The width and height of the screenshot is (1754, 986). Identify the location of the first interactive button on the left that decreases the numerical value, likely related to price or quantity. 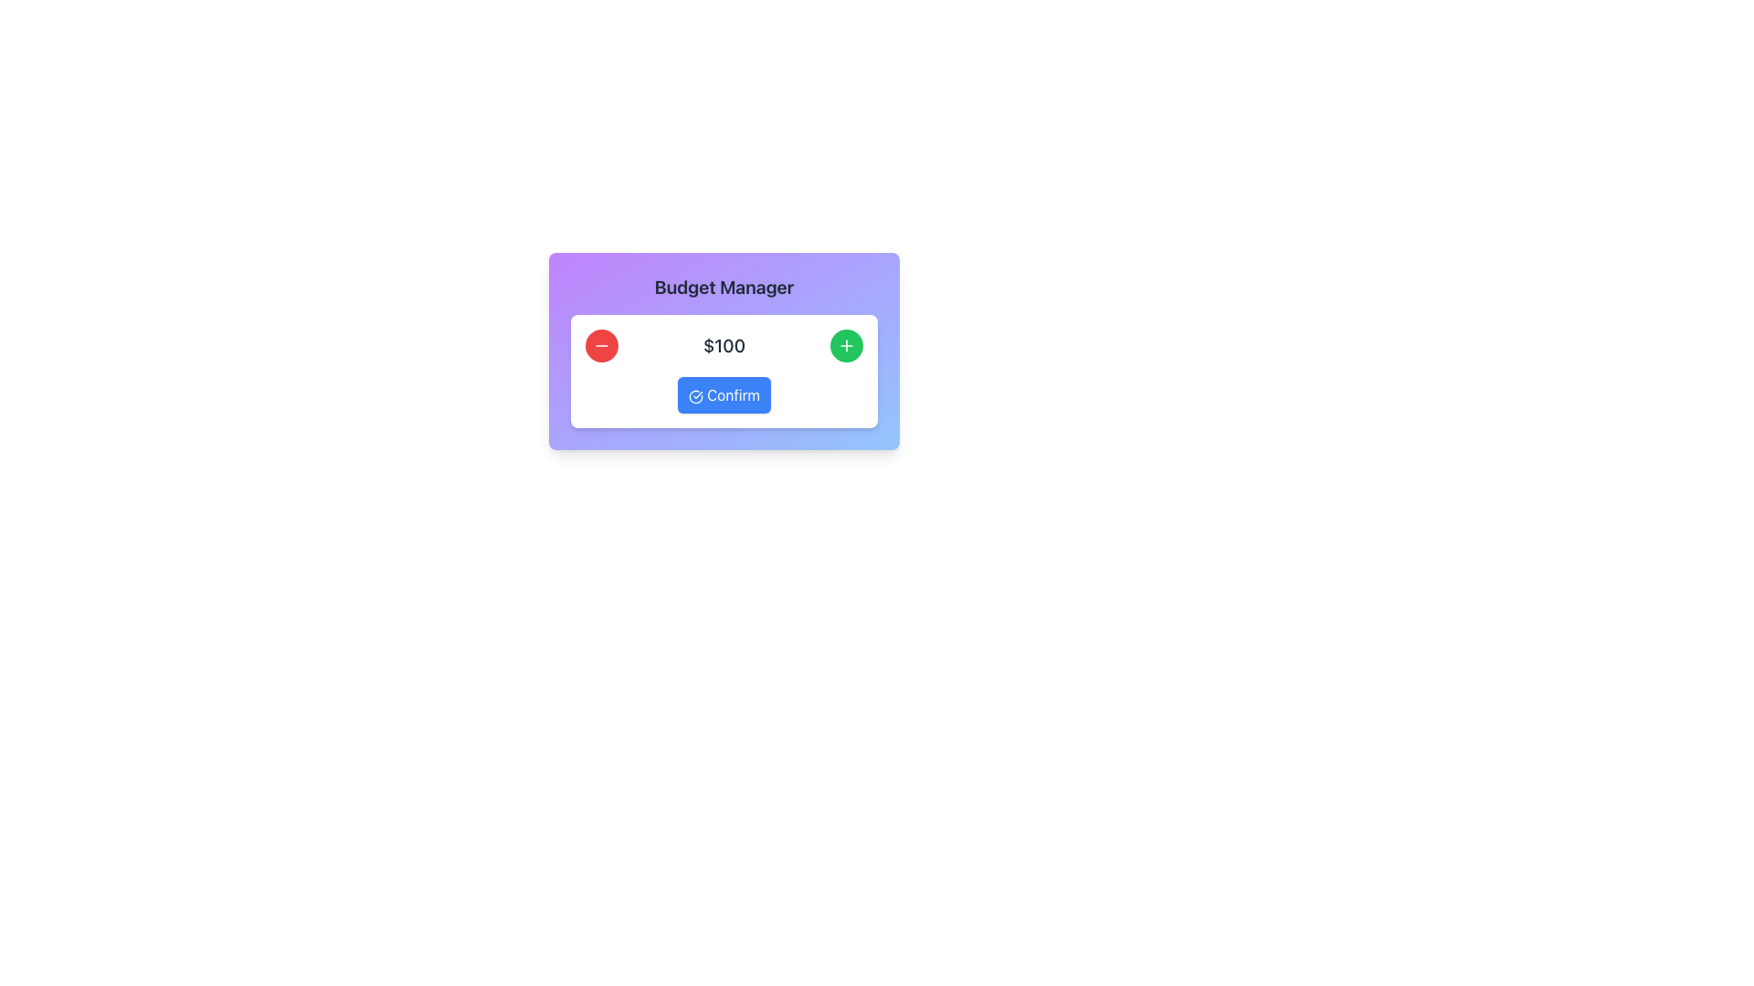
(601, 345).